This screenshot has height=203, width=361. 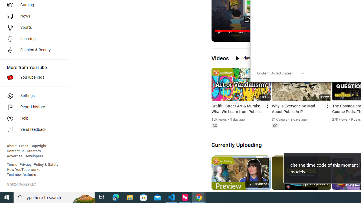 What do you see at coordinates (32, 130) in the screenshot?
I see `'Send feedback'` at bounding box center [32, 130].